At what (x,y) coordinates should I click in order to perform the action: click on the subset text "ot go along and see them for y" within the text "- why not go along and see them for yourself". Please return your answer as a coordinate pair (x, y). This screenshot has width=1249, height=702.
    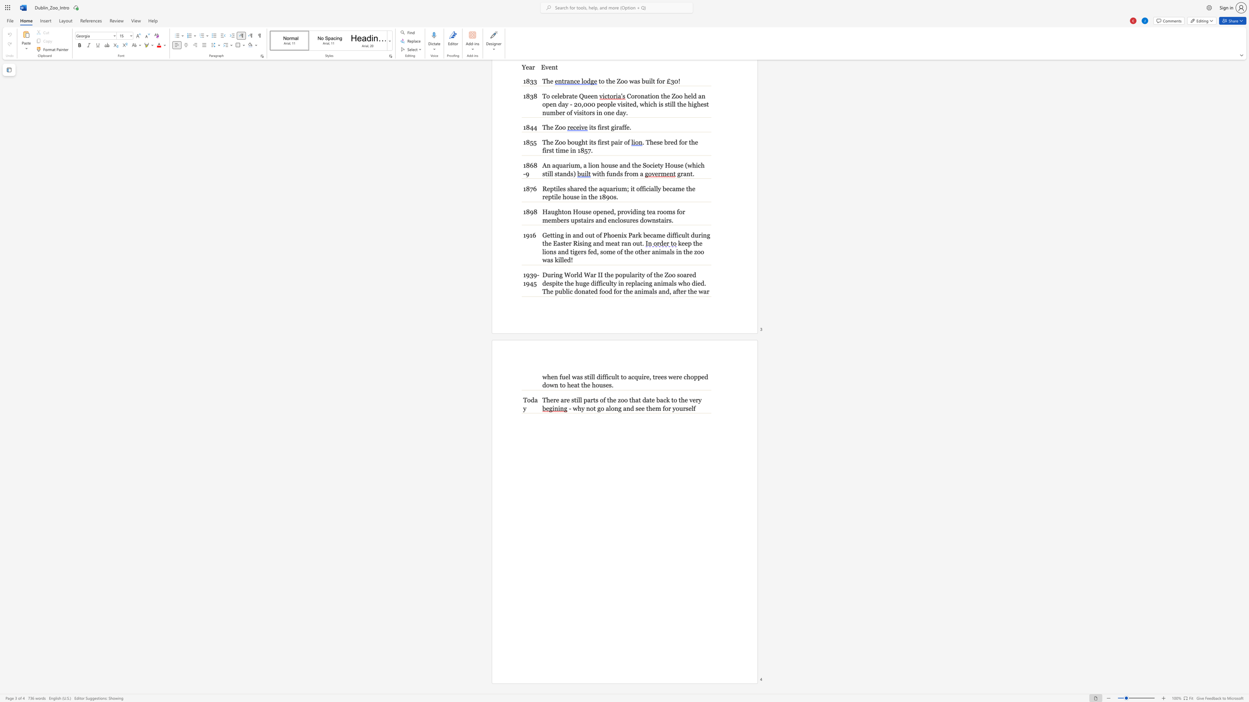
    Looking at the image, I should click on (590, 408).